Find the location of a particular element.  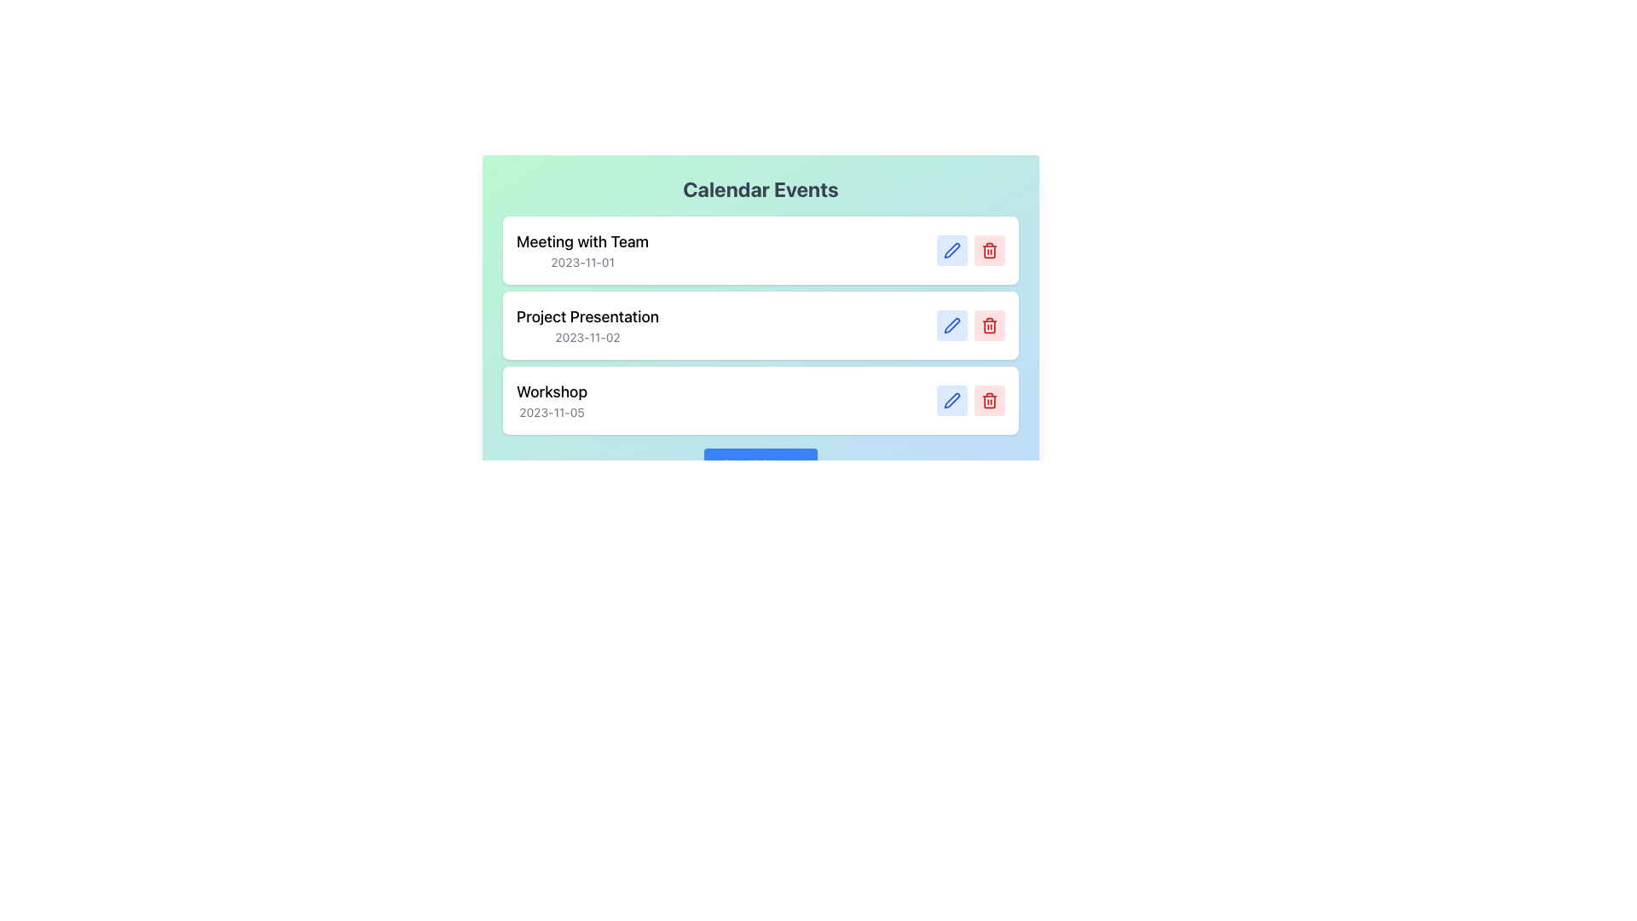

the Text Display element that presents the name and date of the event 'Project Presentation', located under 'Calendar Events' is located at coordinates (587, 325).